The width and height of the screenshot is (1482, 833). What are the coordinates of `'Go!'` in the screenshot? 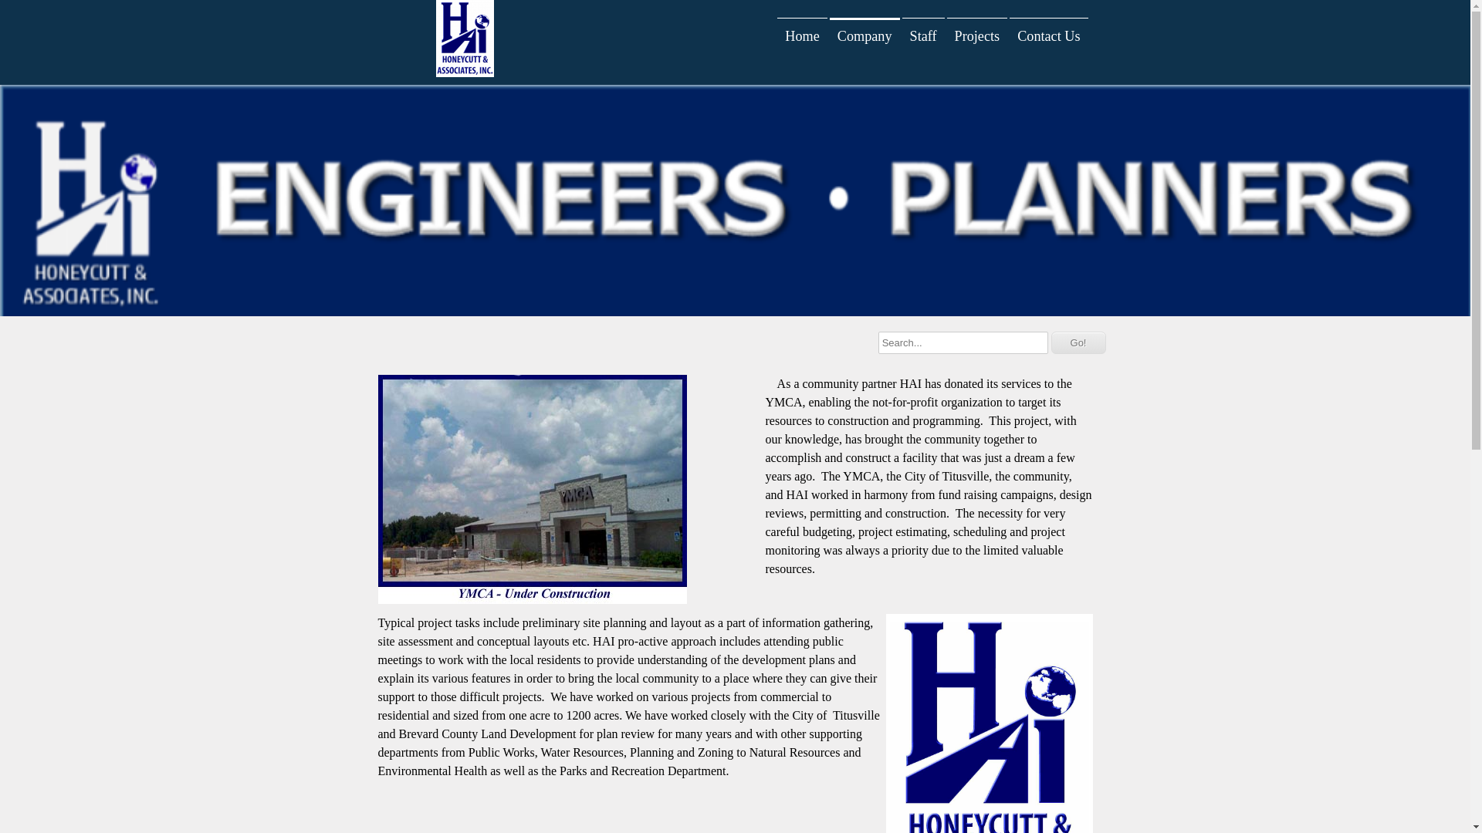 It's located at (1078, 342).